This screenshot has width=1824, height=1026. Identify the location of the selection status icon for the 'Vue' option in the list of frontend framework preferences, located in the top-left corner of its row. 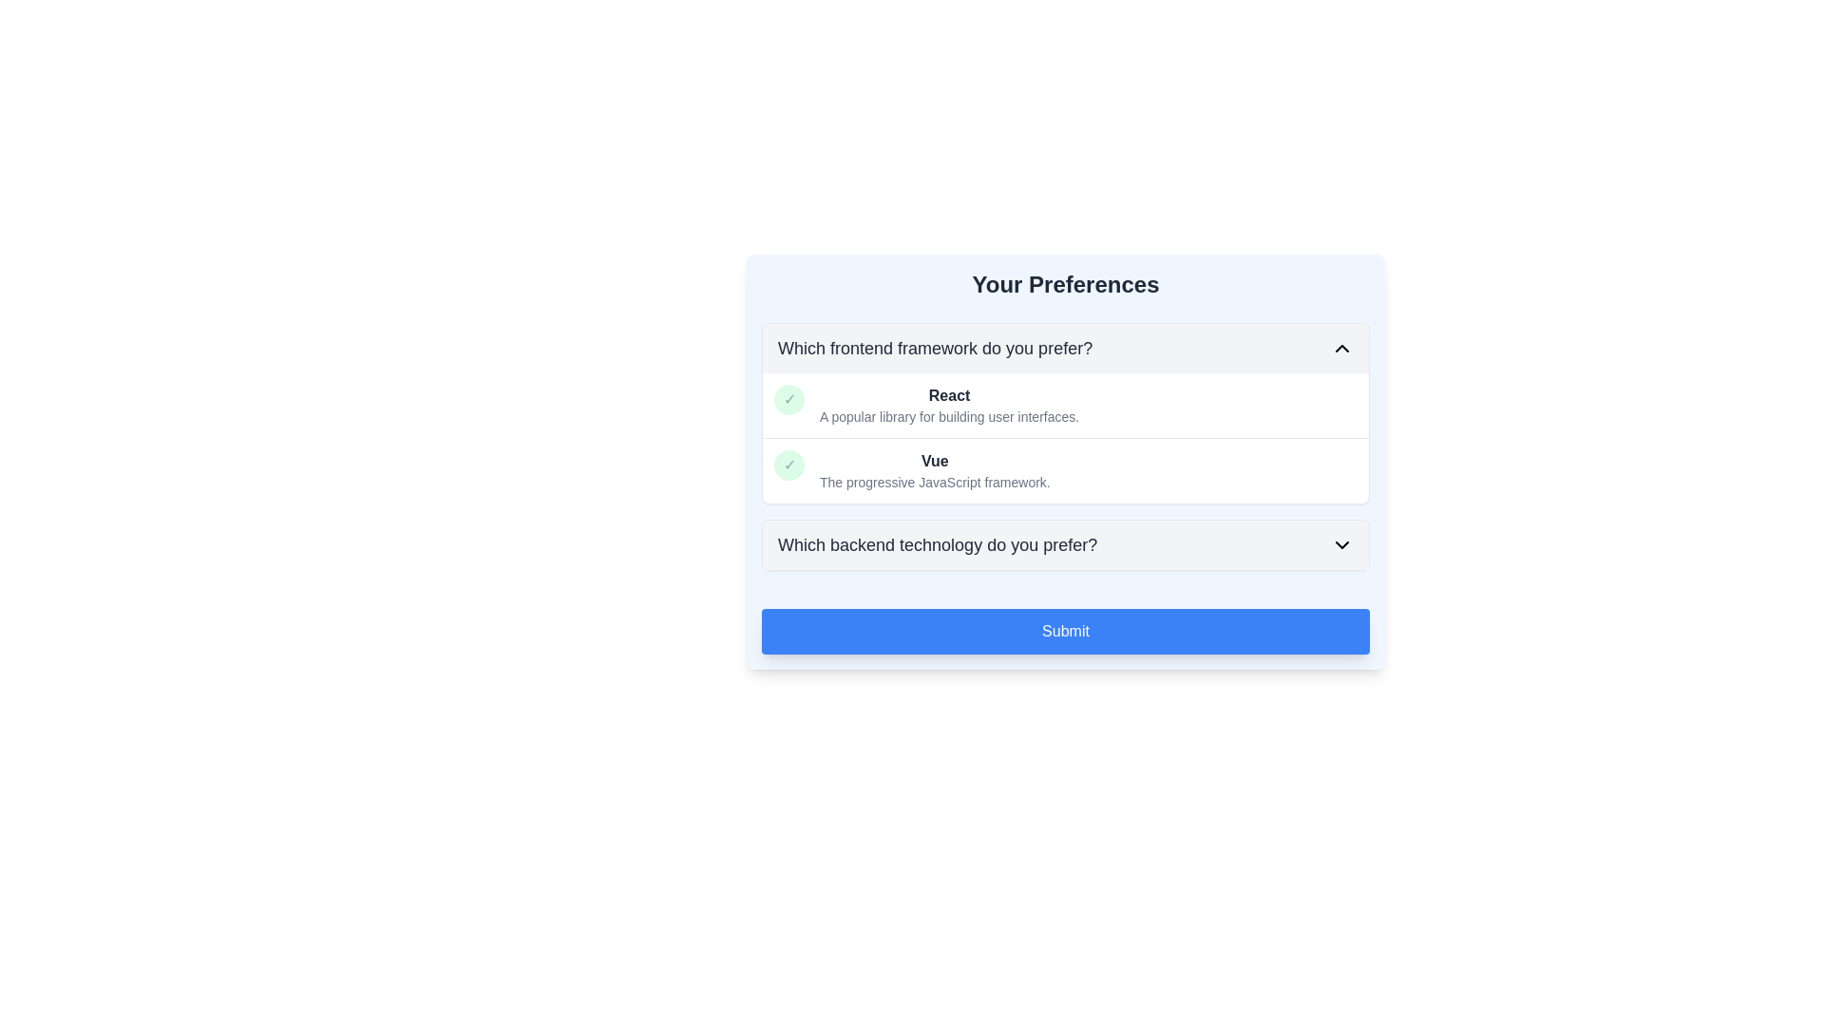
(788, 465).